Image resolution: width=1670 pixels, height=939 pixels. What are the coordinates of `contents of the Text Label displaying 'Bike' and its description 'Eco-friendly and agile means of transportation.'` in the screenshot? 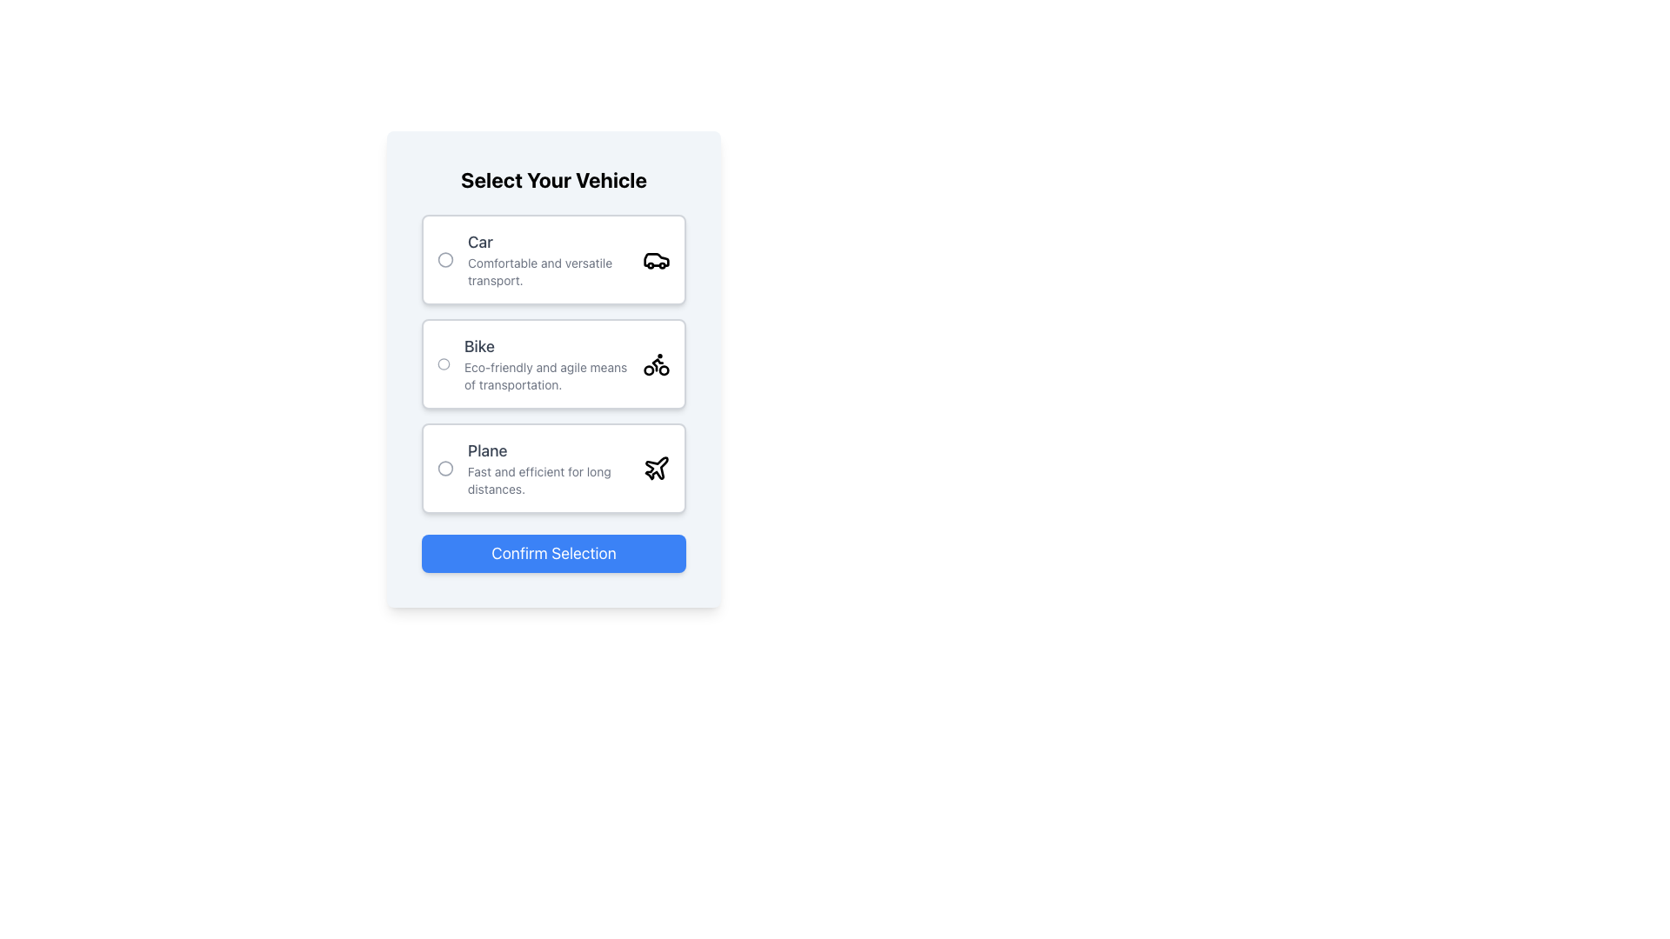 It's located at (545, 363).